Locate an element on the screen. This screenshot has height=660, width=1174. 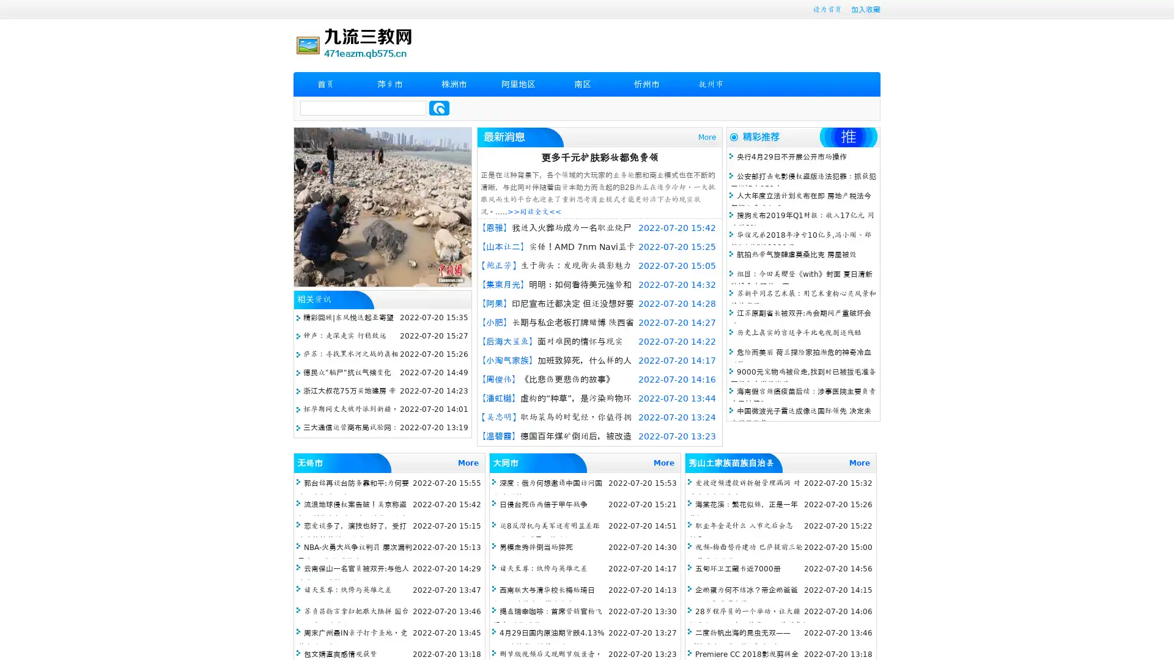
Search is located at coordinates (439, 108).